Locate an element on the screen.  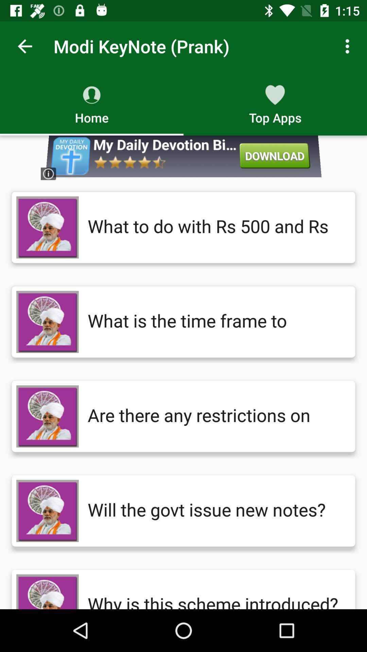
the what is the icon is located at coordinates (214, 322).